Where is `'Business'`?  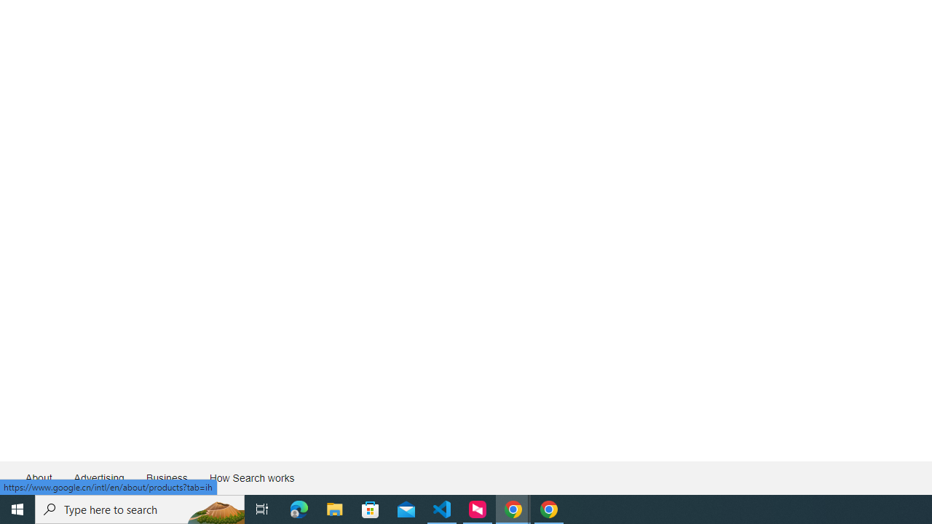
'Business' is located at coordinates (167, 478).